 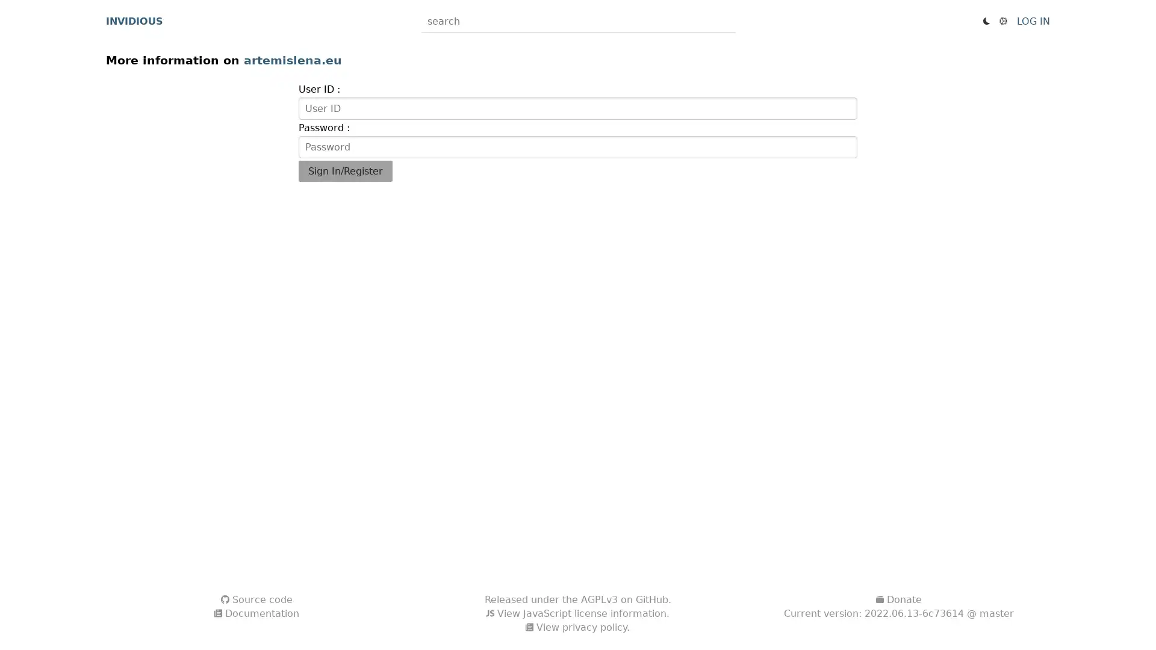 I want to click on Sign In/Register, so click(x=344, y=171).